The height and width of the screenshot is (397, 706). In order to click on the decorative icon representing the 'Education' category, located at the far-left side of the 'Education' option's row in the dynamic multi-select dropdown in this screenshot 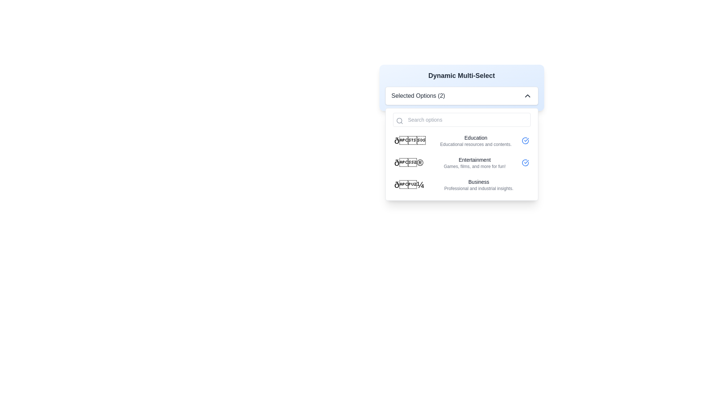, I will do `click(412, 140)`.